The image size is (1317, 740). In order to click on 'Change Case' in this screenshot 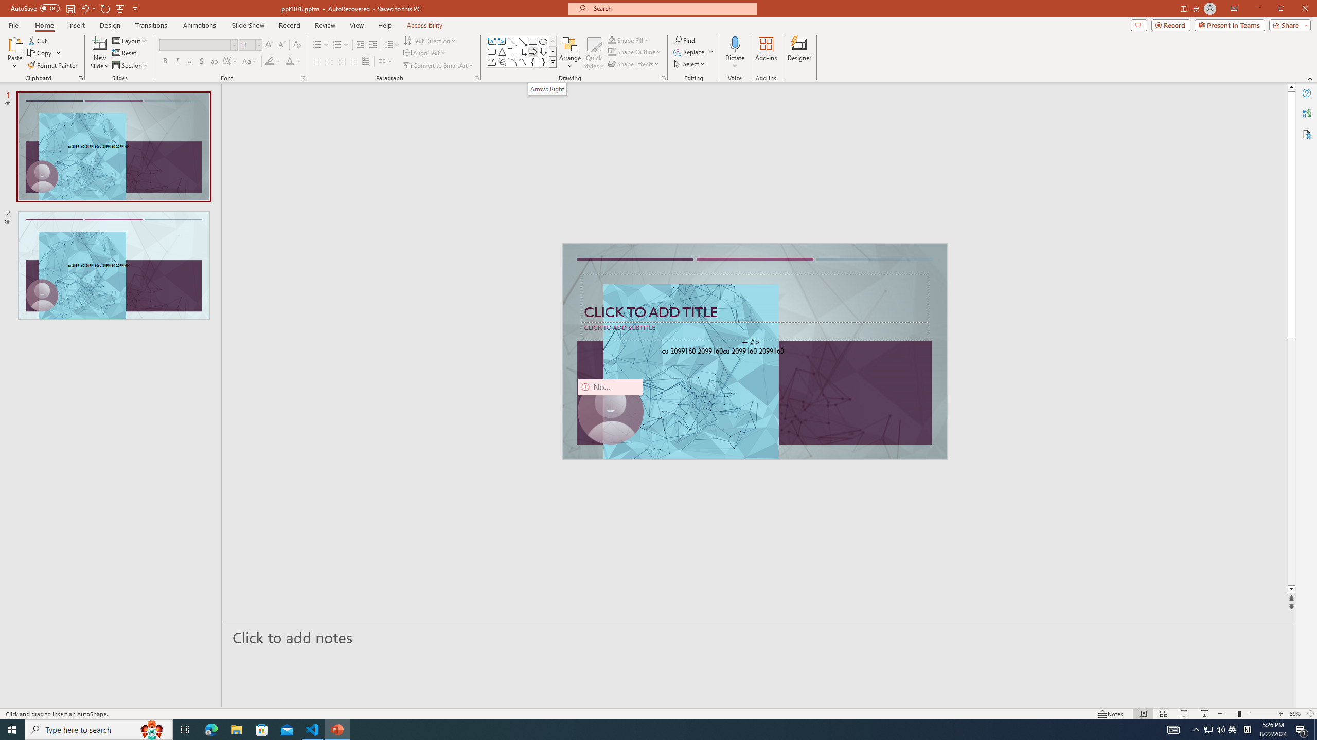, I will do `click(250, 61)`.